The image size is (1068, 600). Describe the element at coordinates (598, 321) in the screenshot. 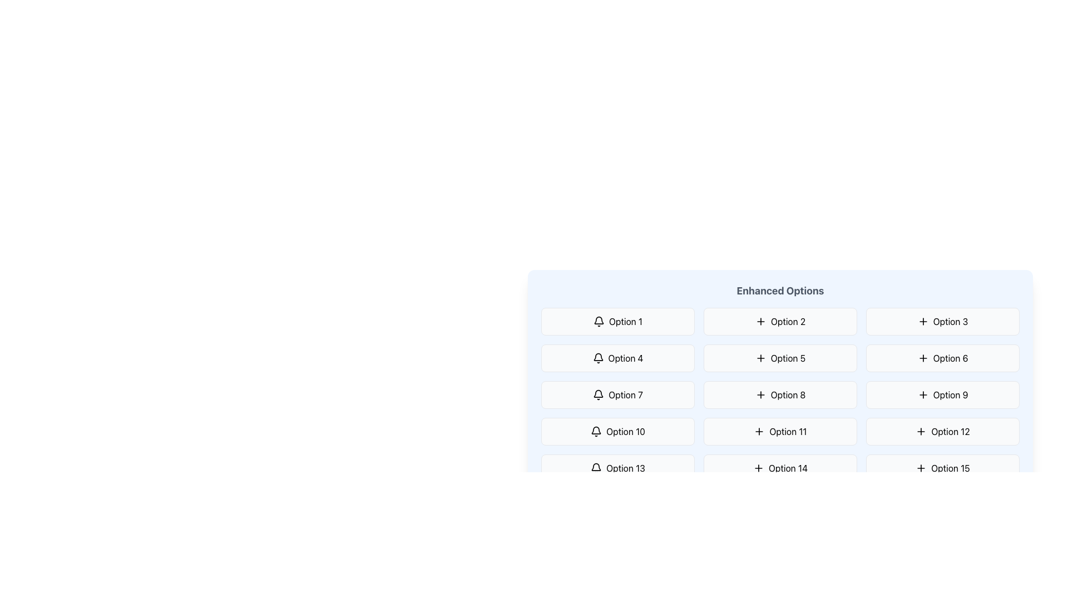

I see `the bell icon located on the left side of the 'Option 1' button, which indicates notifications or alerts` at that location.